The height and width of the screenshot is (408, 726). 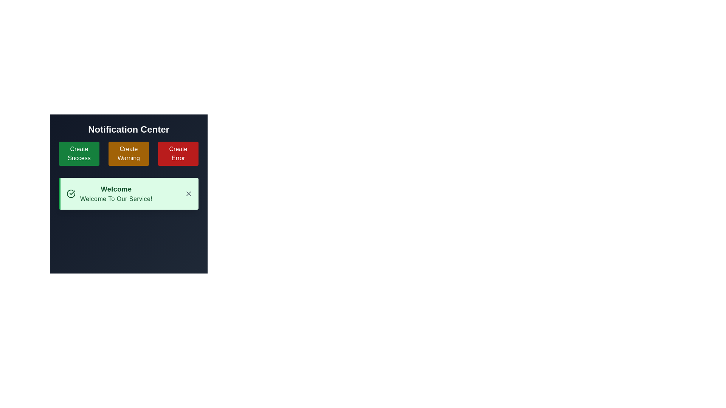 I want to click on the text label displaying 'Welcome to our service!' which is styled in thin dark green letters on a pastel green background, located in the notification card below the bold 'Welcome' text, so click(x=116, y=199).